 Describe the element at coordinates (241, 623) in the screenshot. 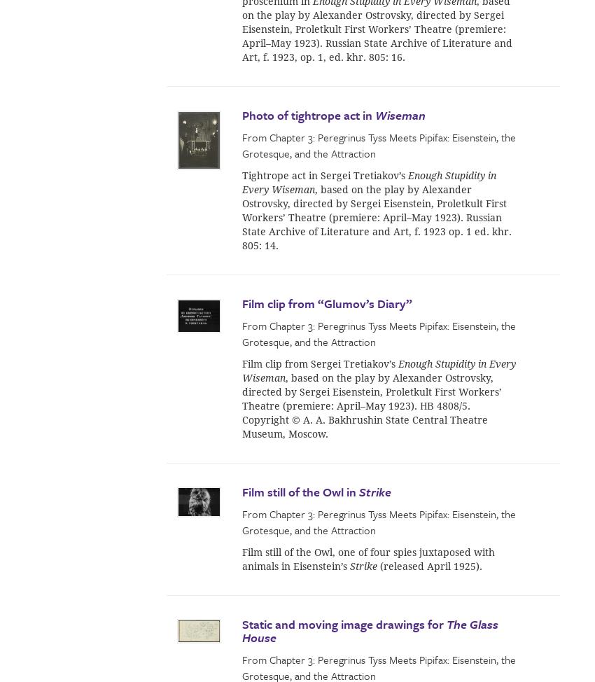

I see `'Static and moving image drawings for'` at that location.